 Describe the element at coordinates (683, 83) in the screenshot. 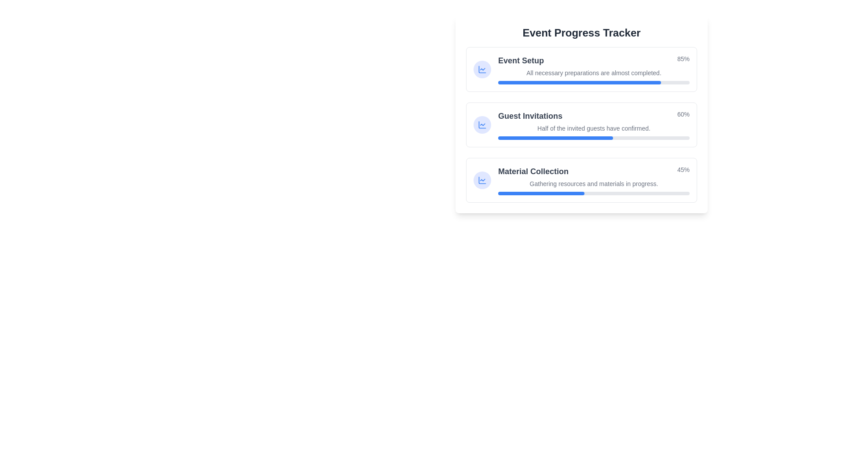

I see `the progress of the bar` at that location.